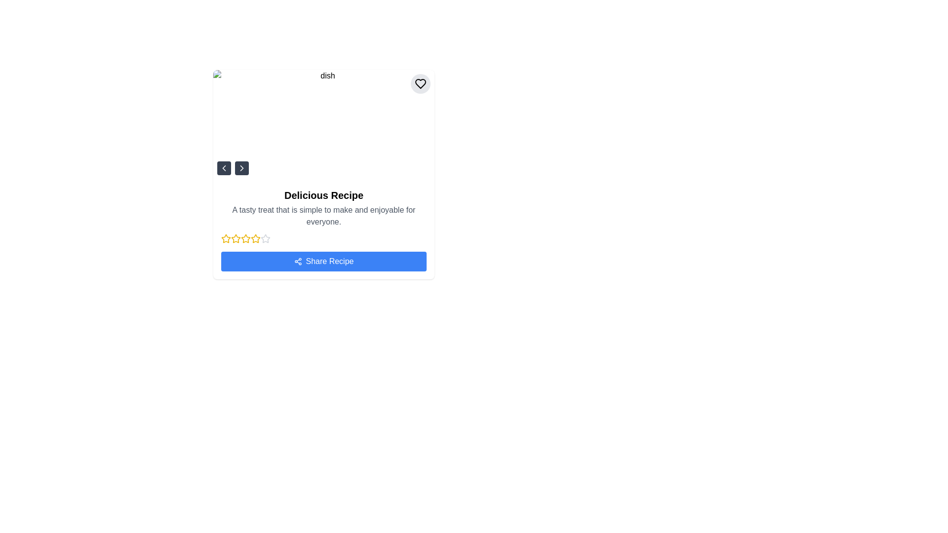 This screenshot has height=533, width=948. Describe the element at coordinates (241, 167) in the screenshot. I see `the right navigation button located at the lower left corner of the card` at that location.